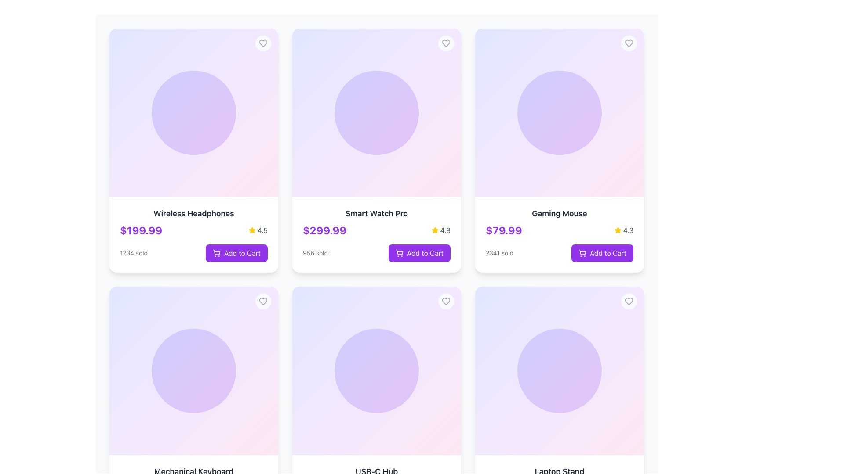  What do you see at coordinates (446, 301) in the screenshot?
I see `the heart-shaped icon at the top-right corner of the 'Smart Watch Pro' product card to mark it as a favorite` at bounding box center [446, 301].